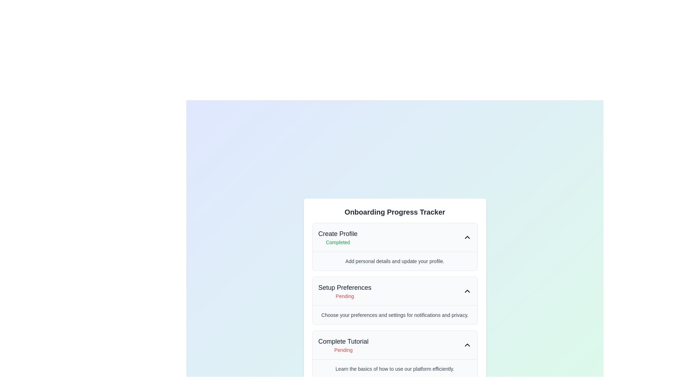 This screenshot has height=385, width=684. Describe the element at coordinates (394, 345) in the screenshot. I see `the 'Complete Tutorial' task card, which has 'Pending' in red below the title` at that location.